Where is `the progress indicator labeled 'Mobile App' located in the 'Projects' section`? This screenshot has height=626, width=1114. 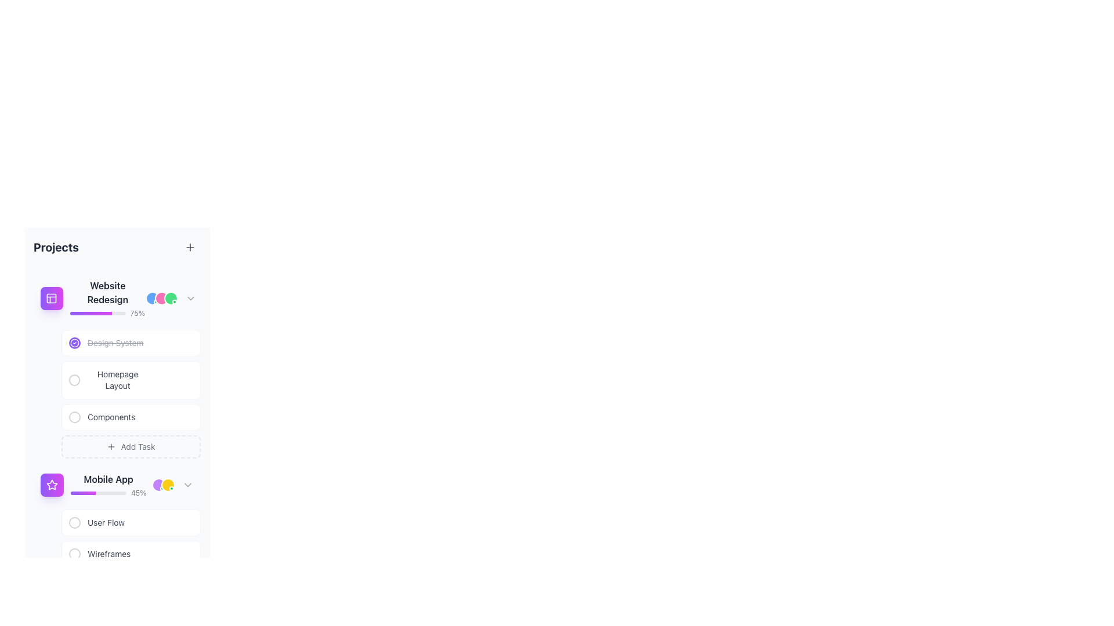
the progress indicator labeled 'Mobile App' located in the 'Projects' section is located at coordinates (108, 485).